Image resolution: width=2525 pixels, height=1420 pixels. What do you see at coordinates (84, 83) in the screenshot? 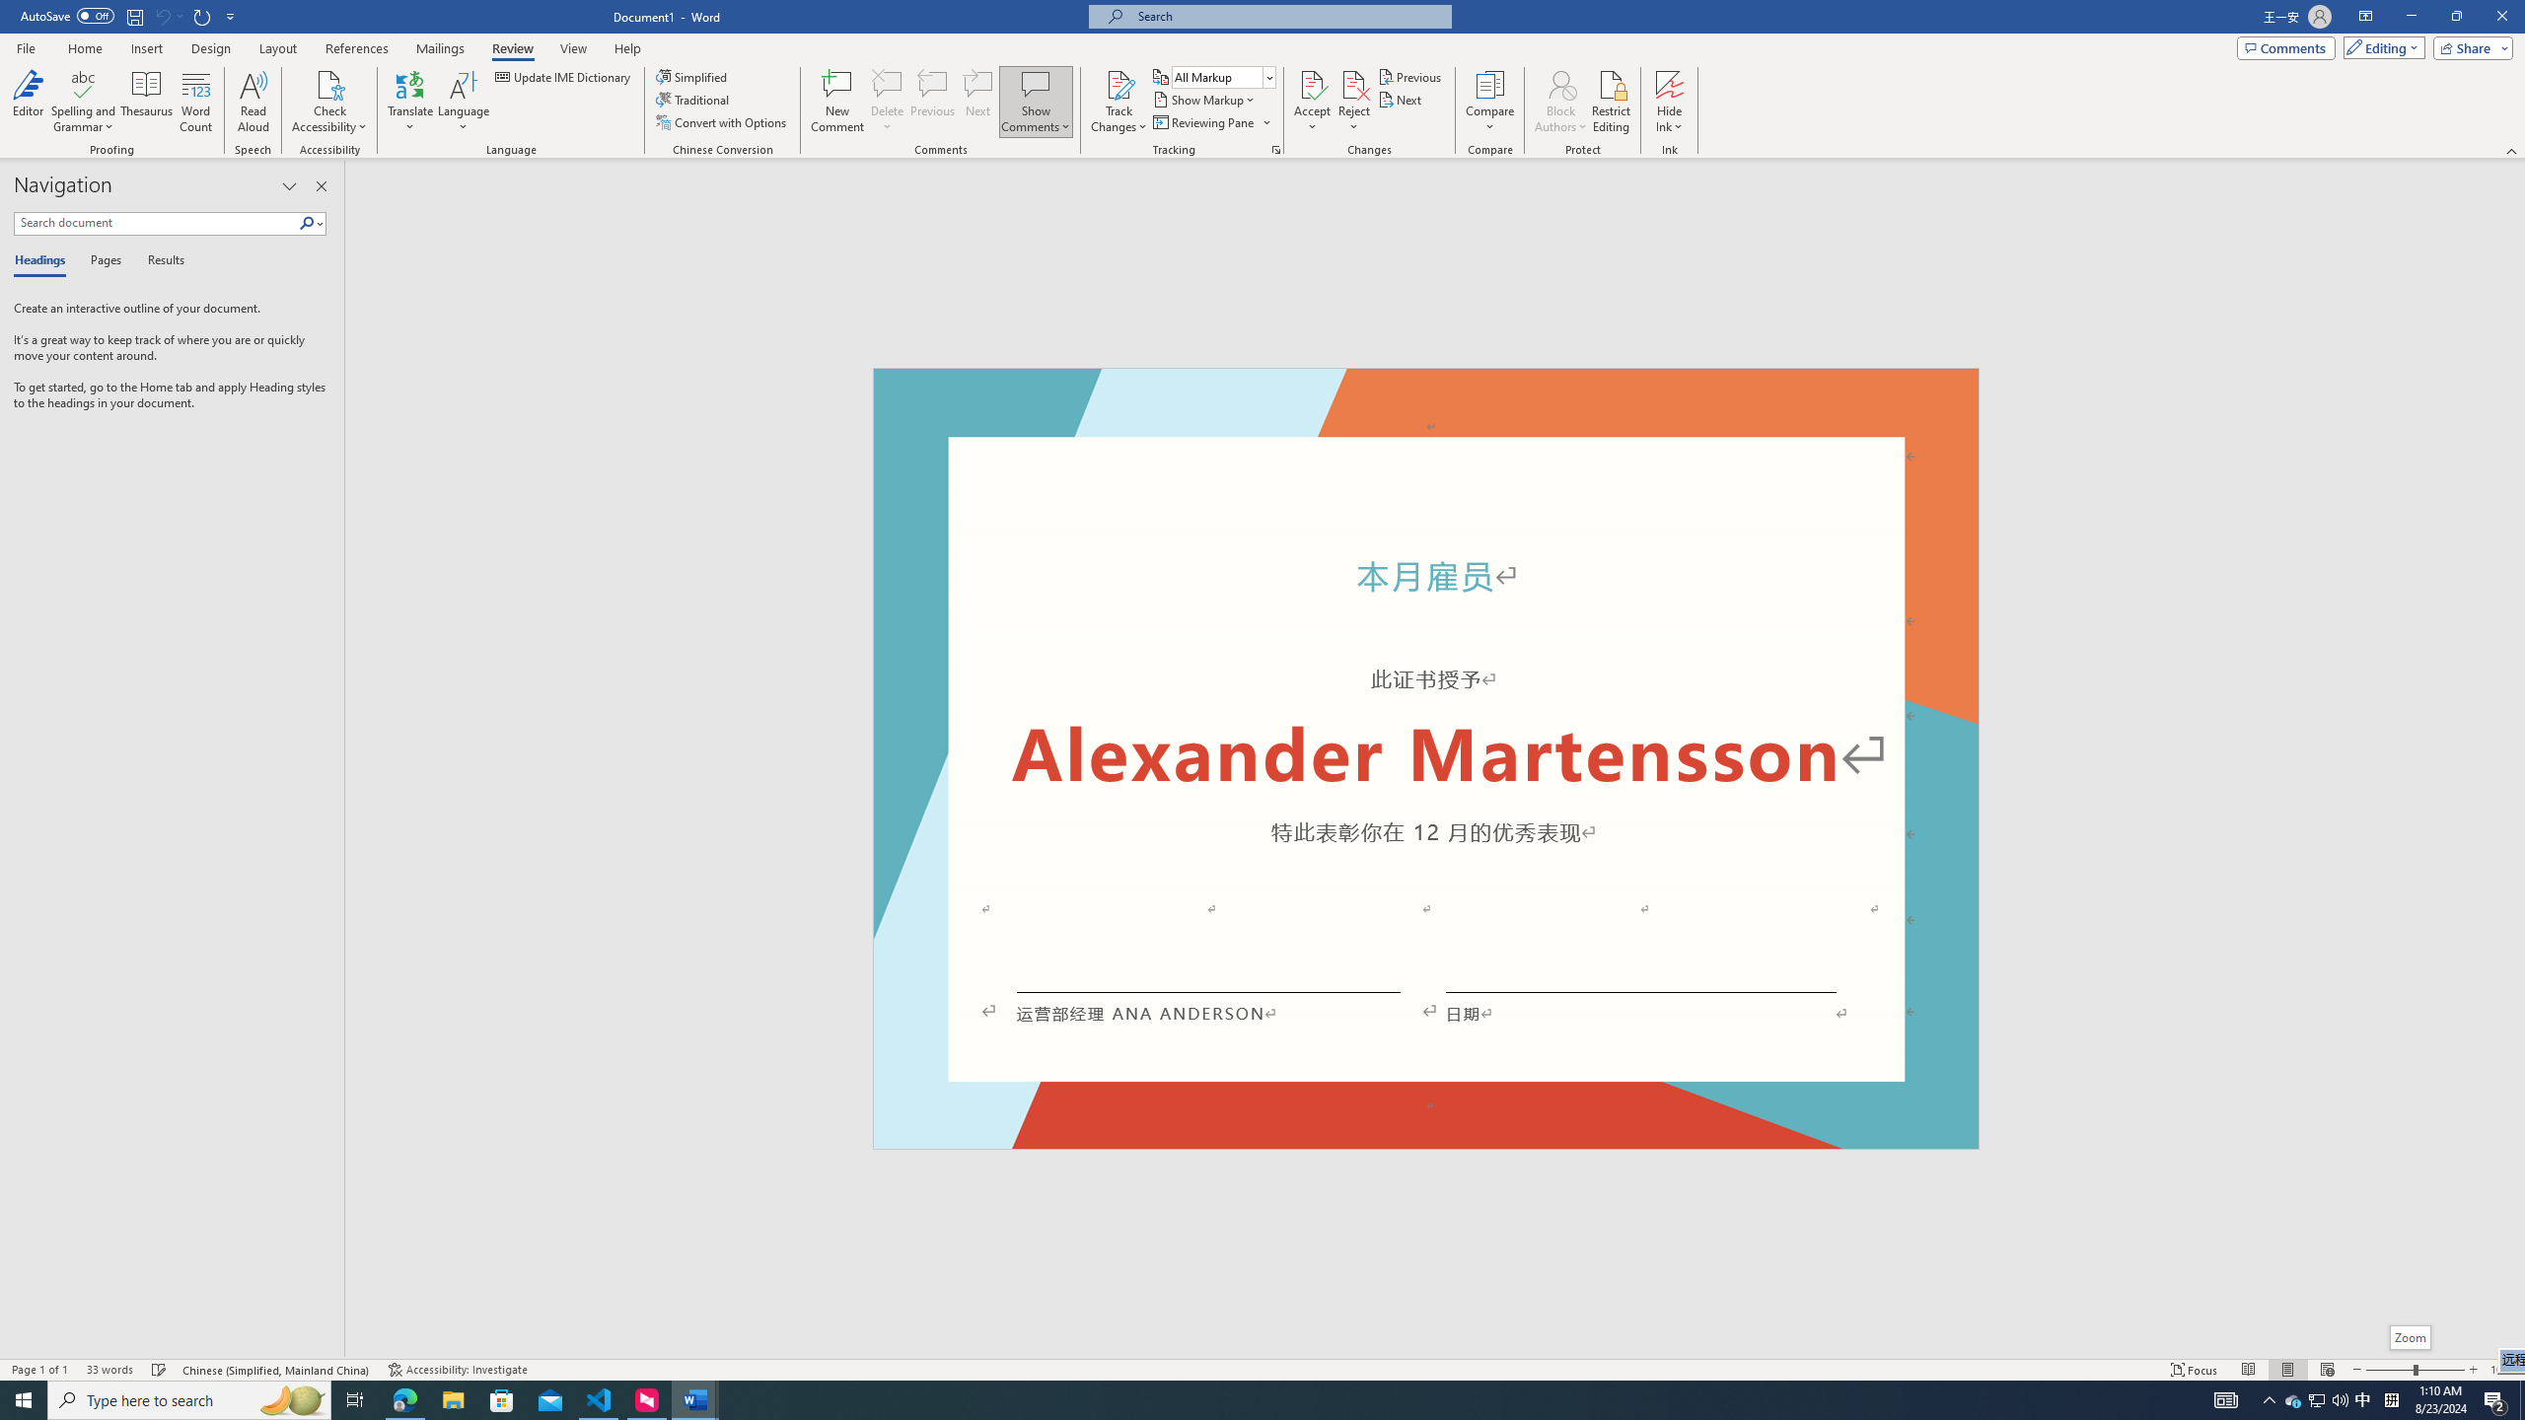
I see `'Spelling and Grammar'` at bounding box center [84, 83].